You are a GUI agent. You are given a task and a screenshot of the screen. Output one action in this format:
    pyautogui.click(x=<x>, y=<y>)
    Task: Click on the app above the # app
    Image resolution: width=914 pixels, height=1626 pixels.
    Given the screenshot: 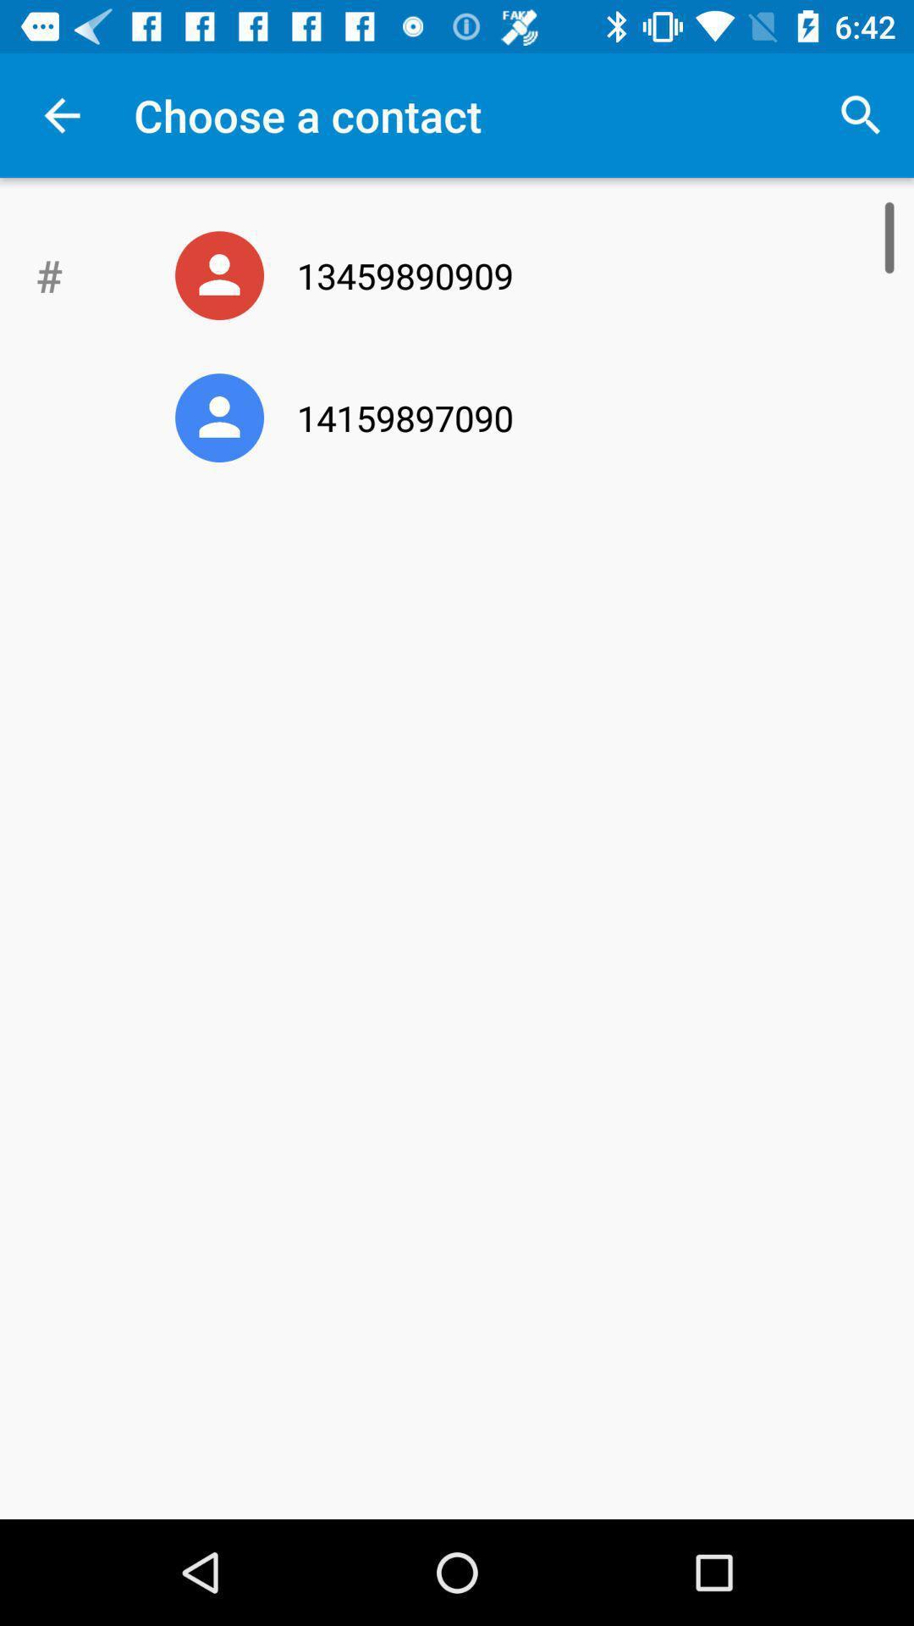 What is the action you would take?
    pyautogui.click(x=61, y=114)
    